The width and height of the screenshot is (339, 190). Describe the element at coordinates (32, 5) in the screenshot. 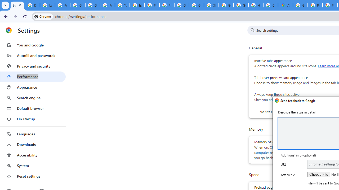

I see `'Delete photos & videos - Computer - Google Photos Help'` at that location.